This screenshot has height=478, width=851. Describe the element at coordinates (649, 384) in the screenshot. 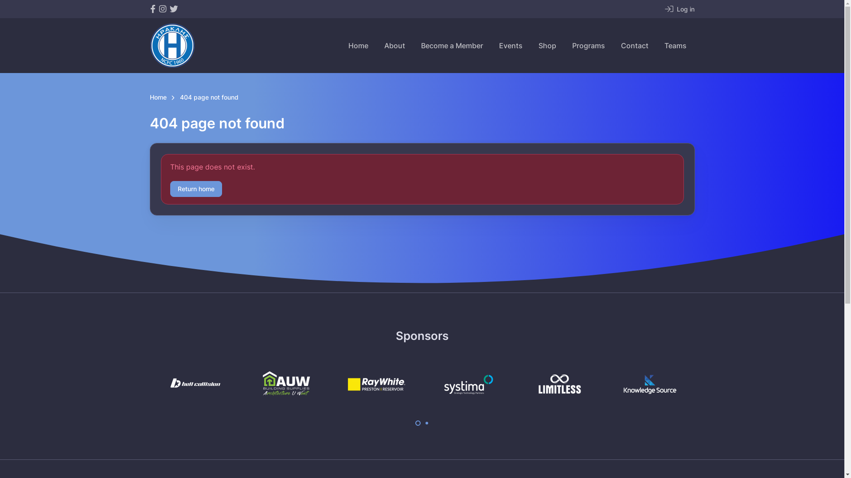

I see `'Knowledge Source'` at that location.